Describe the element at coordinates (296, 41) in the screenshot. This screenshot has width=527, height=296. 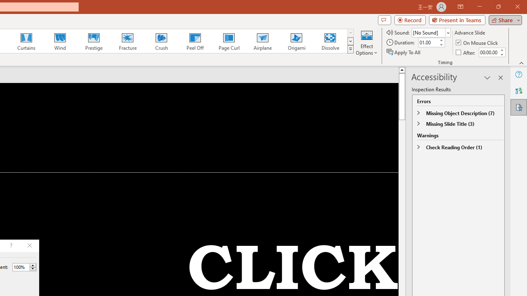
I see `'Origami'` at that location.